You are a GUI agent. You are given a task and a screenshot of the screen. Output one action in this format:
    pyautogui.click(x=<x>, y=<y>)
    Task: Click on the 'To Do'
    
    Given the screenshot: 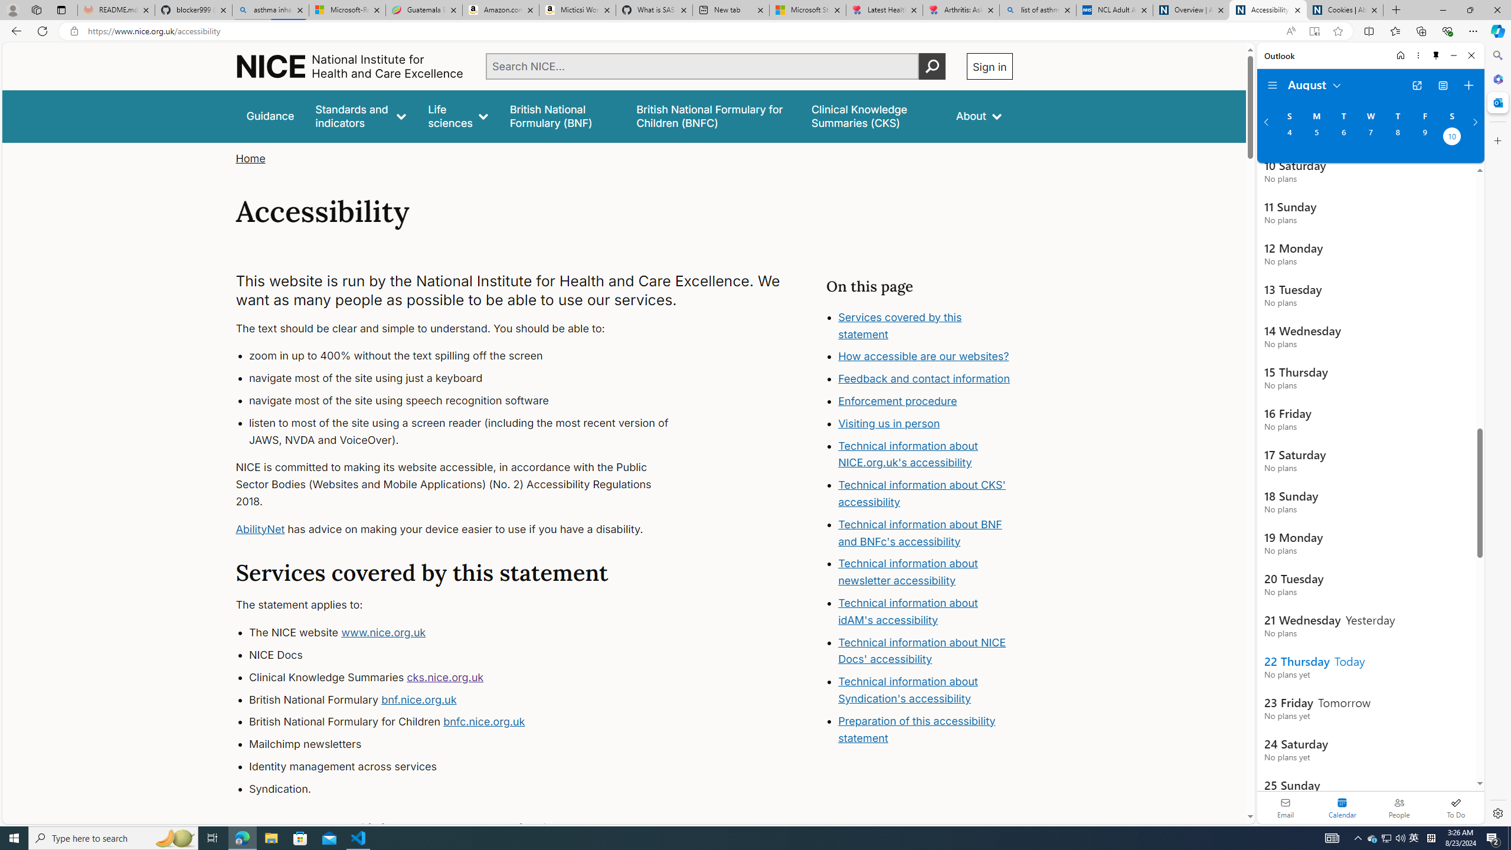 What is the action you would take?
    pyautogui.click(x=1456, y=807)
    